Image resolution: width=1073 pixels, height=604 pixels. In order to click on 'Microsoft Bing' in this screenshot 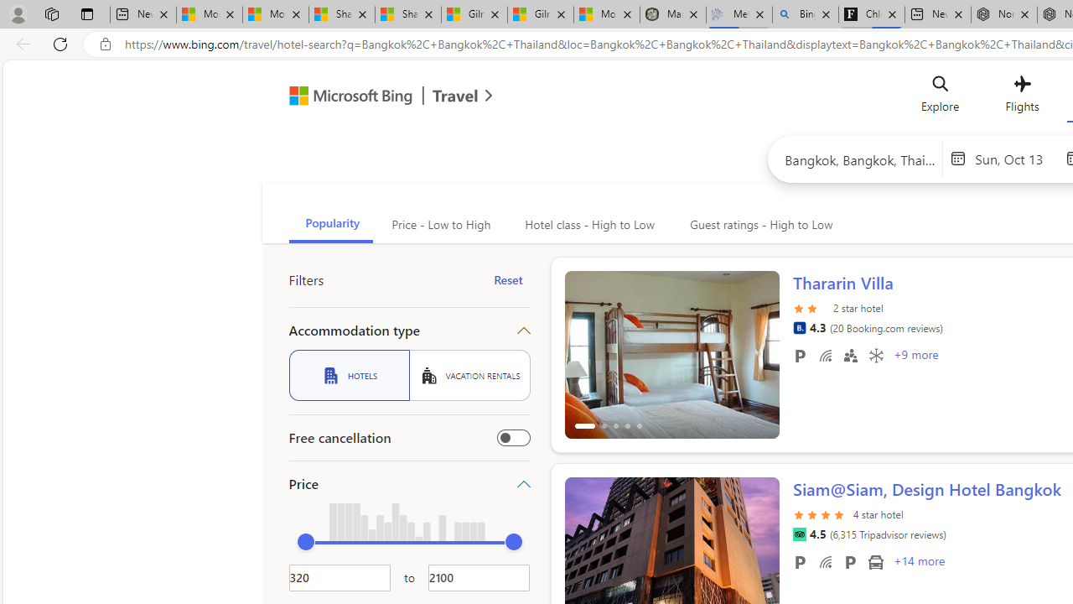, I will do `click(343, 98)`.